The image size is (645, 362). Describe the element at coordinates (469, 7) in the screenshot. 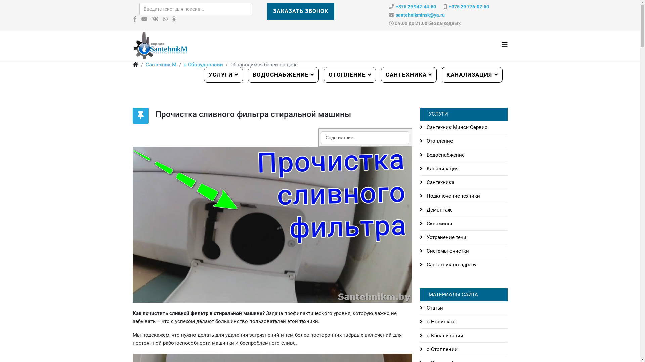

I see `'+375 29 776-02-50'` at that location.